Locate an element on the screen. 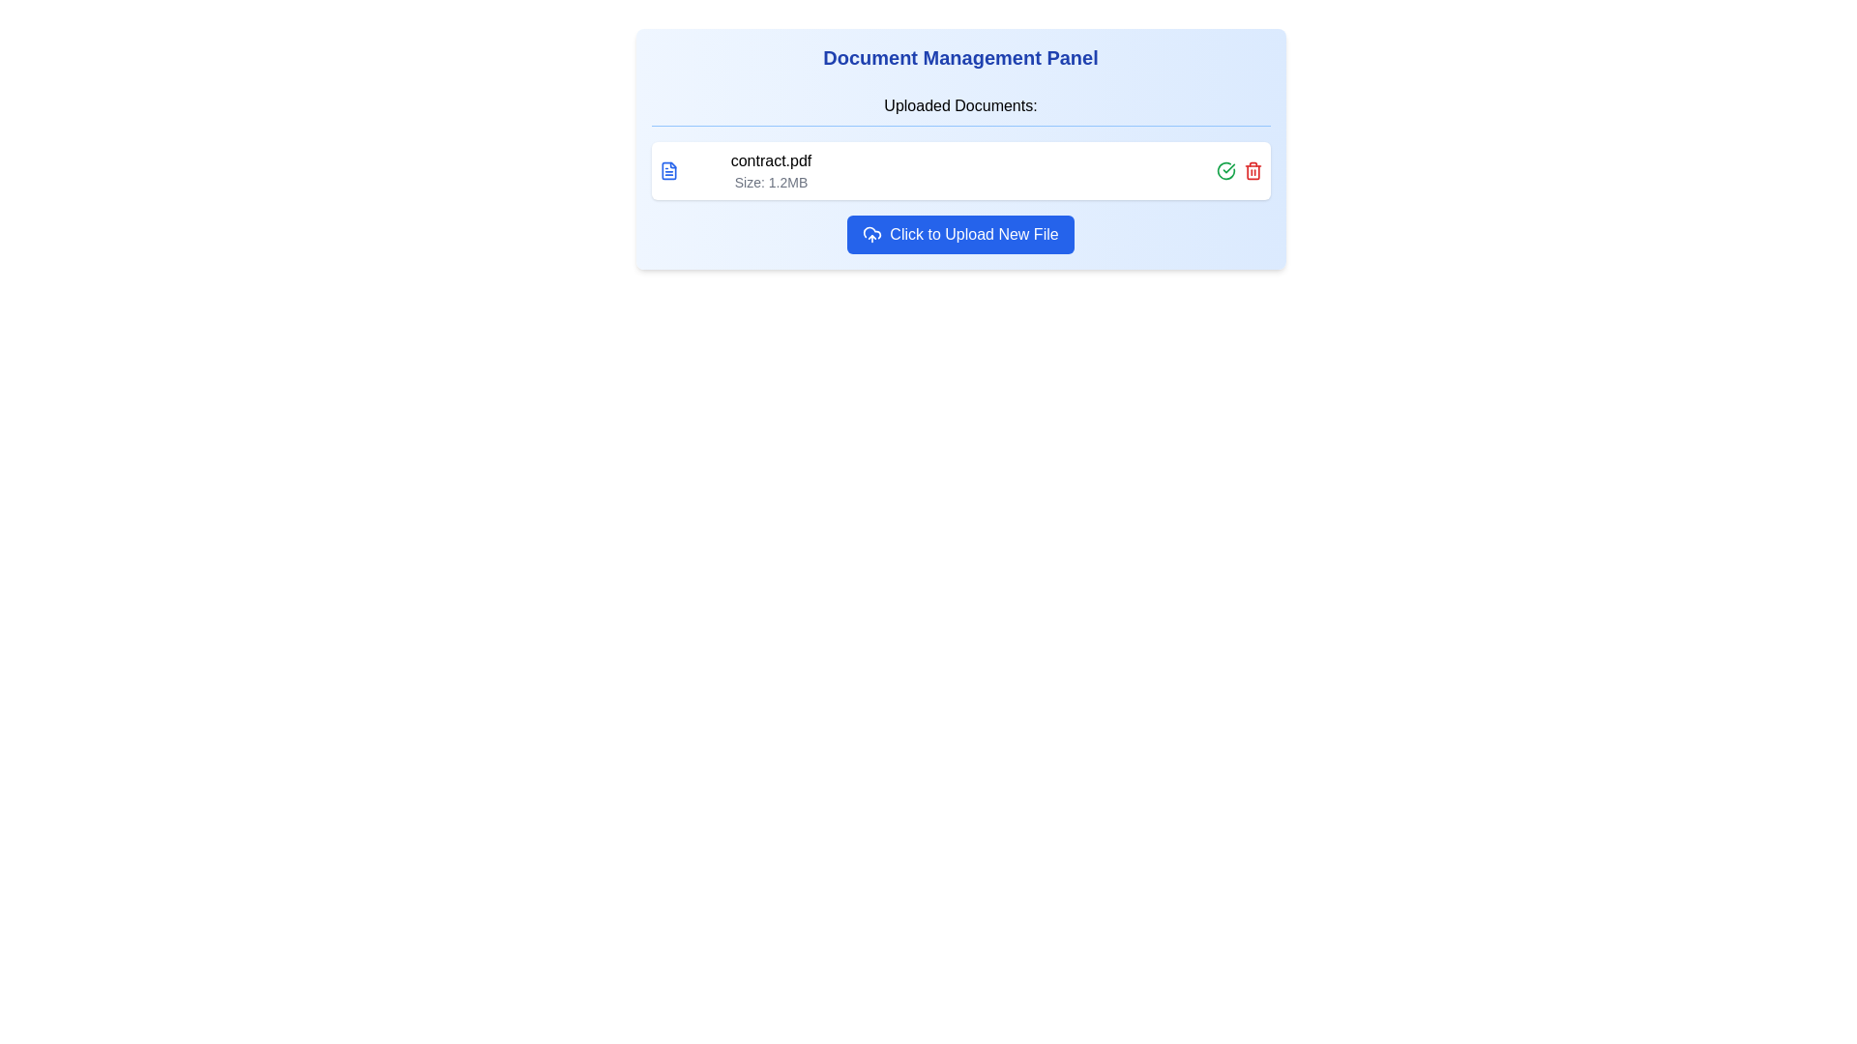 The image size is (1857, 1044). file information displayed in the text element showing the name 'contract.pdf' and size 'Size: 1.2MB', which is the first element under 'Uploaded Documents:' is located at coordinates (756, 170).